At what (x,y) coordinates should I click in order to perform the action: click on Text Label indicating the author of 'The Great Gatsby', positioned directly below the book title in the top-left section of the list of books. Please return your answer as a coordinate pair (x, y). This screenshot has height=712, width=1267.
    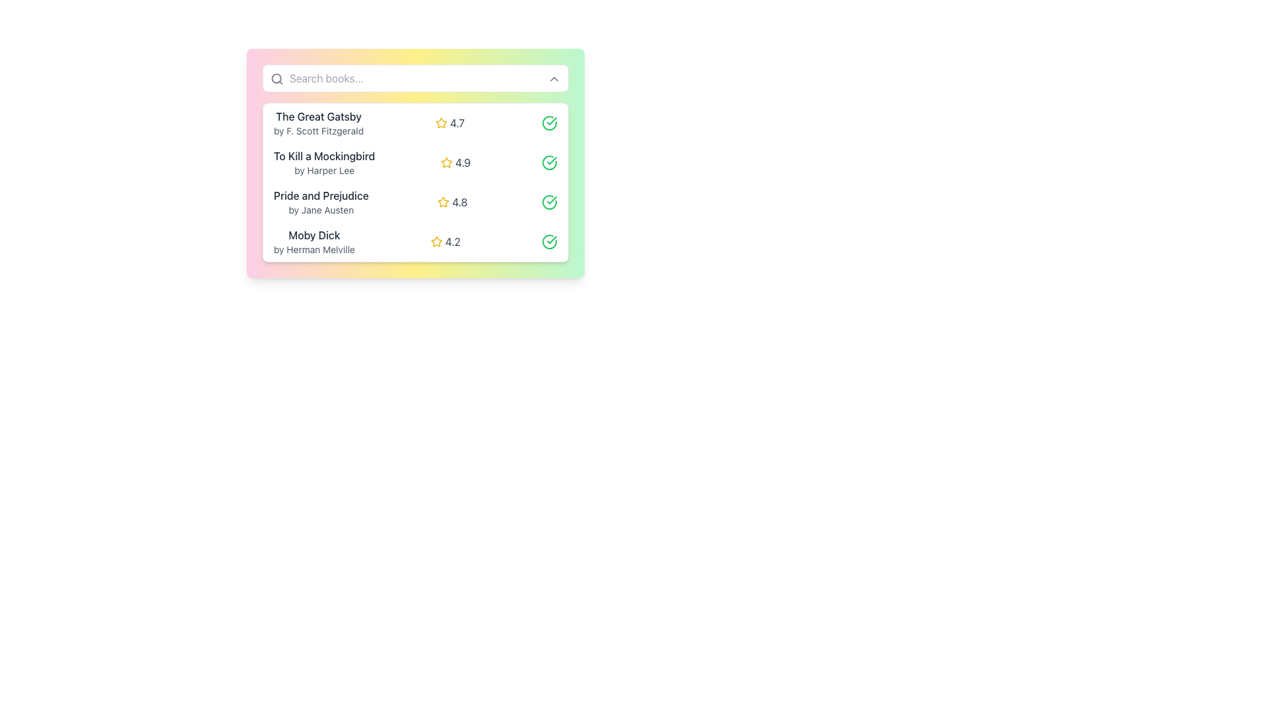
    Looking at the image, I should click on (319, 131).